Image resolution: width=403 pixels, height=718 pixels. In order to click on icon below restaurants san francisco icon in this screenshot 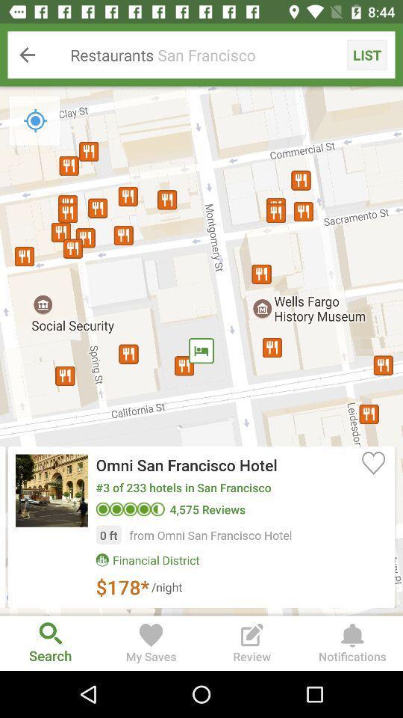, I will do `click(35, 120)`.